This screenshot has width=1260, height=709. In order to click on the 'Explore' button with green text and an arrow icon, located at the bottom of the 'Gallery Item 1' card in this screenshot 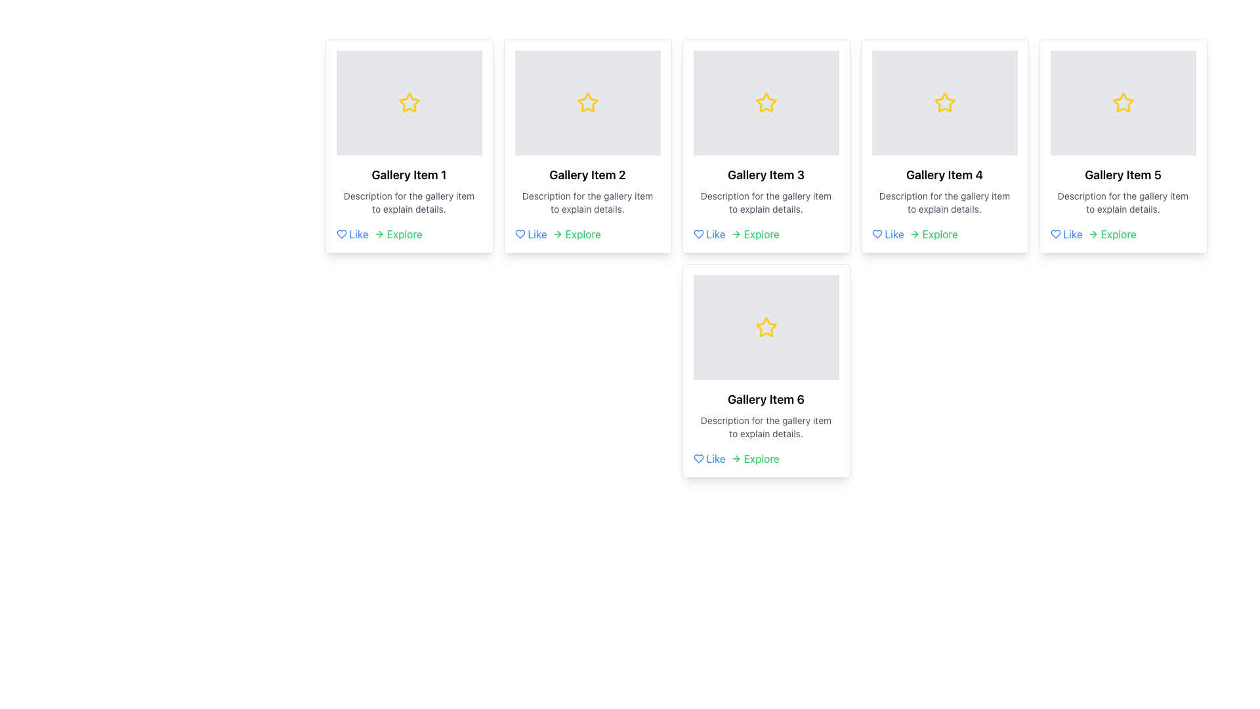, I will do `click(397, 234)`.